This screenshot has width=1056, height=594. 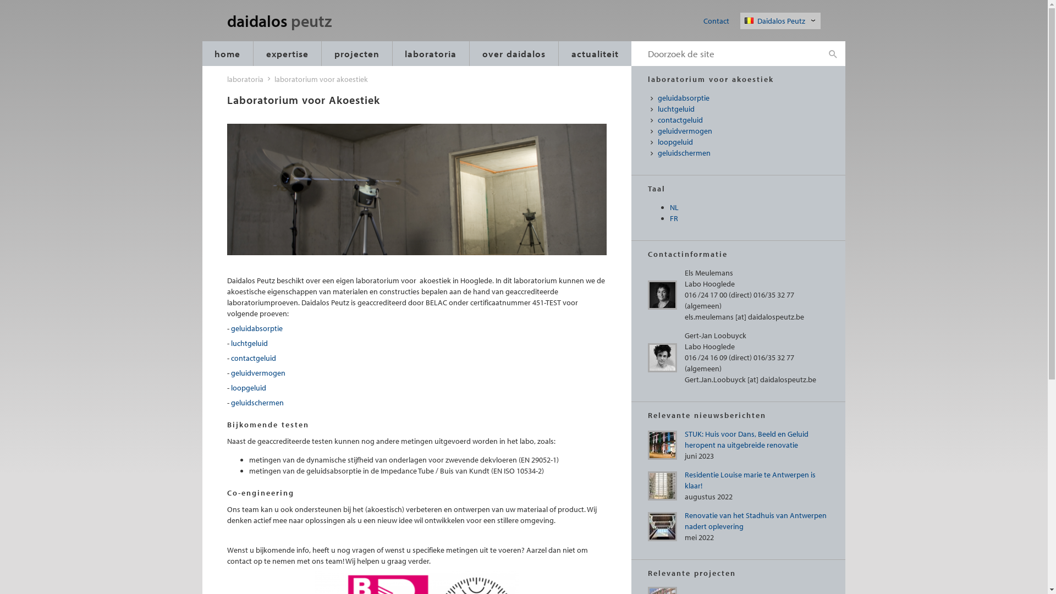 I want to click on 'contactgeluid', so click(x=744, y=120).